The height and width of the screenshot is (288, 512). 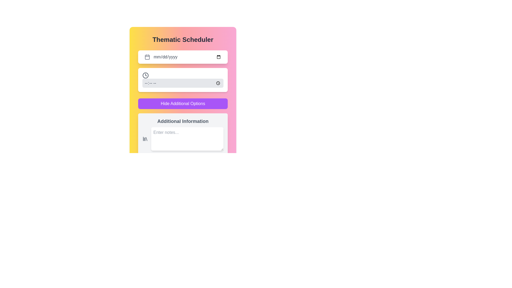 I want to click on the input field related to the calendar icon, so click(x=147, y=57).